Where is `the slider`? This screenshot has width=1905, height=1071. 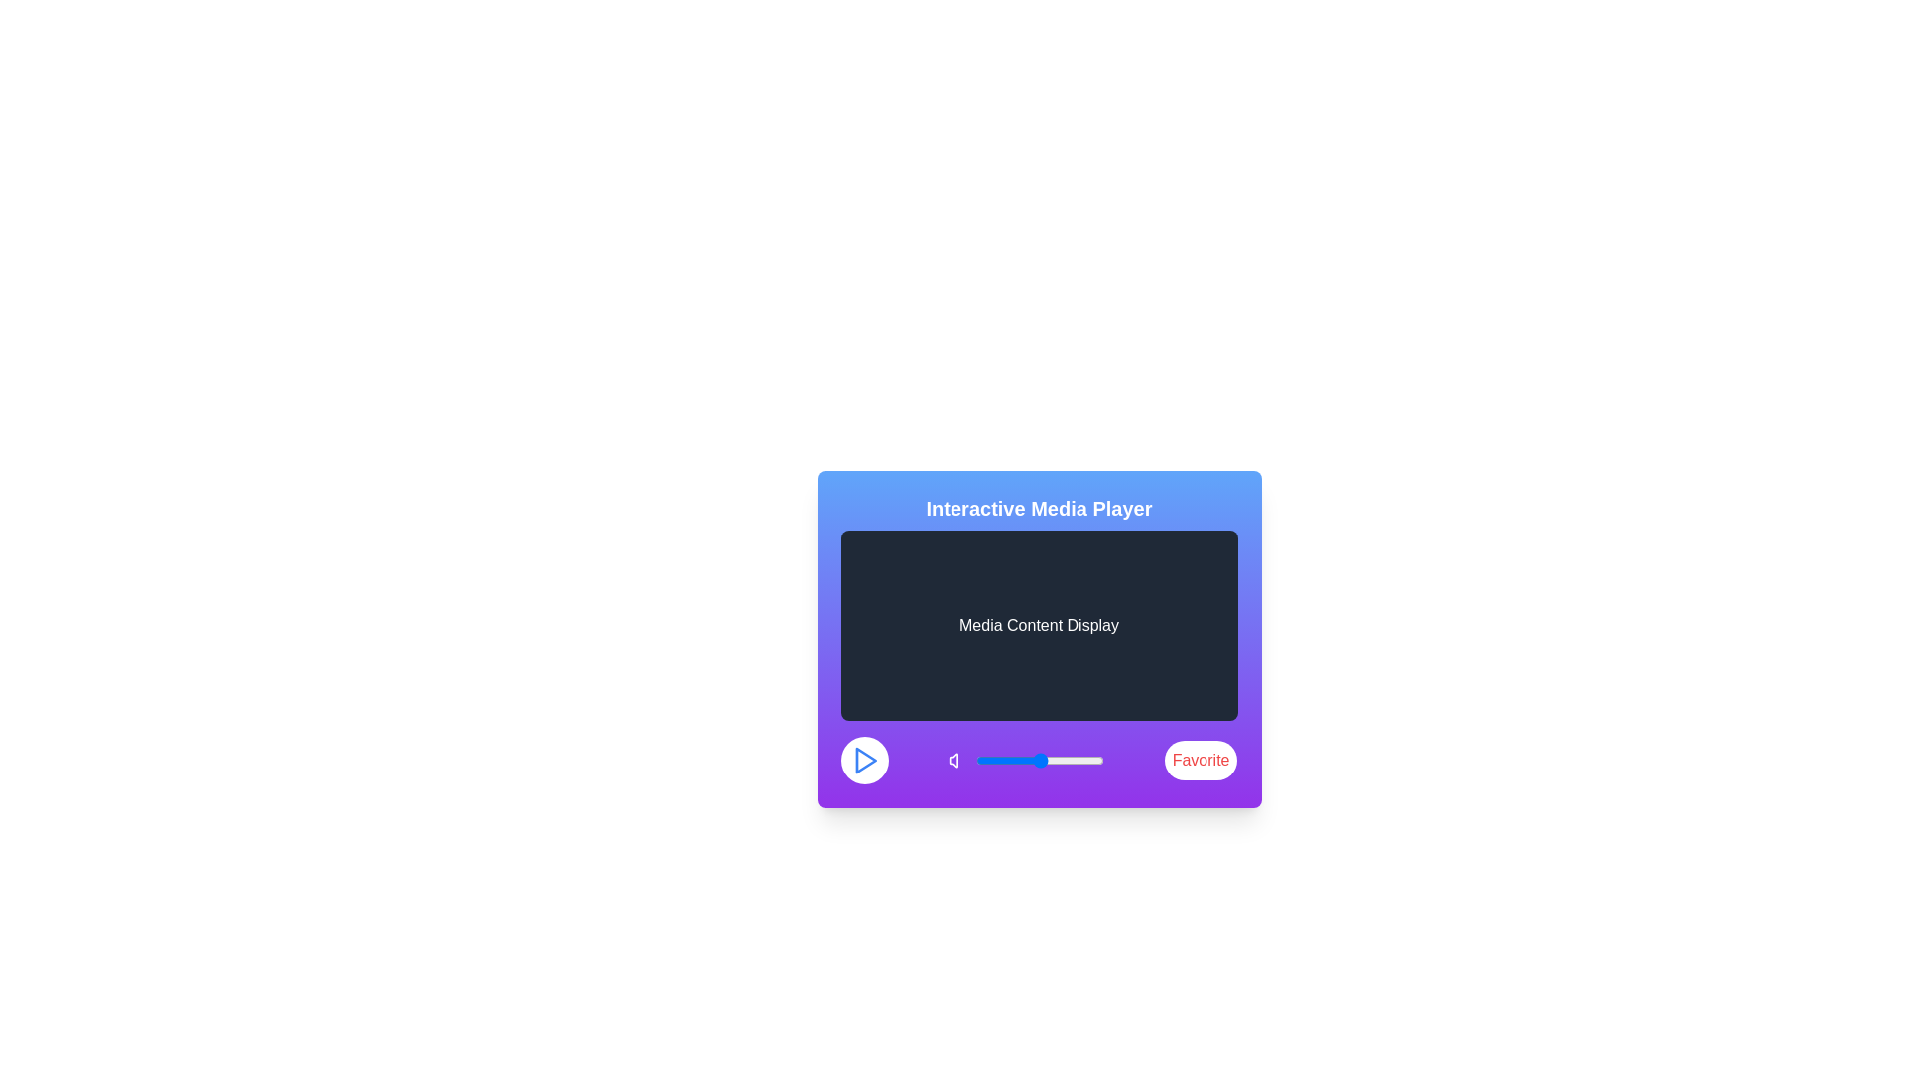
the slider is located at coordinates (1061, 760).